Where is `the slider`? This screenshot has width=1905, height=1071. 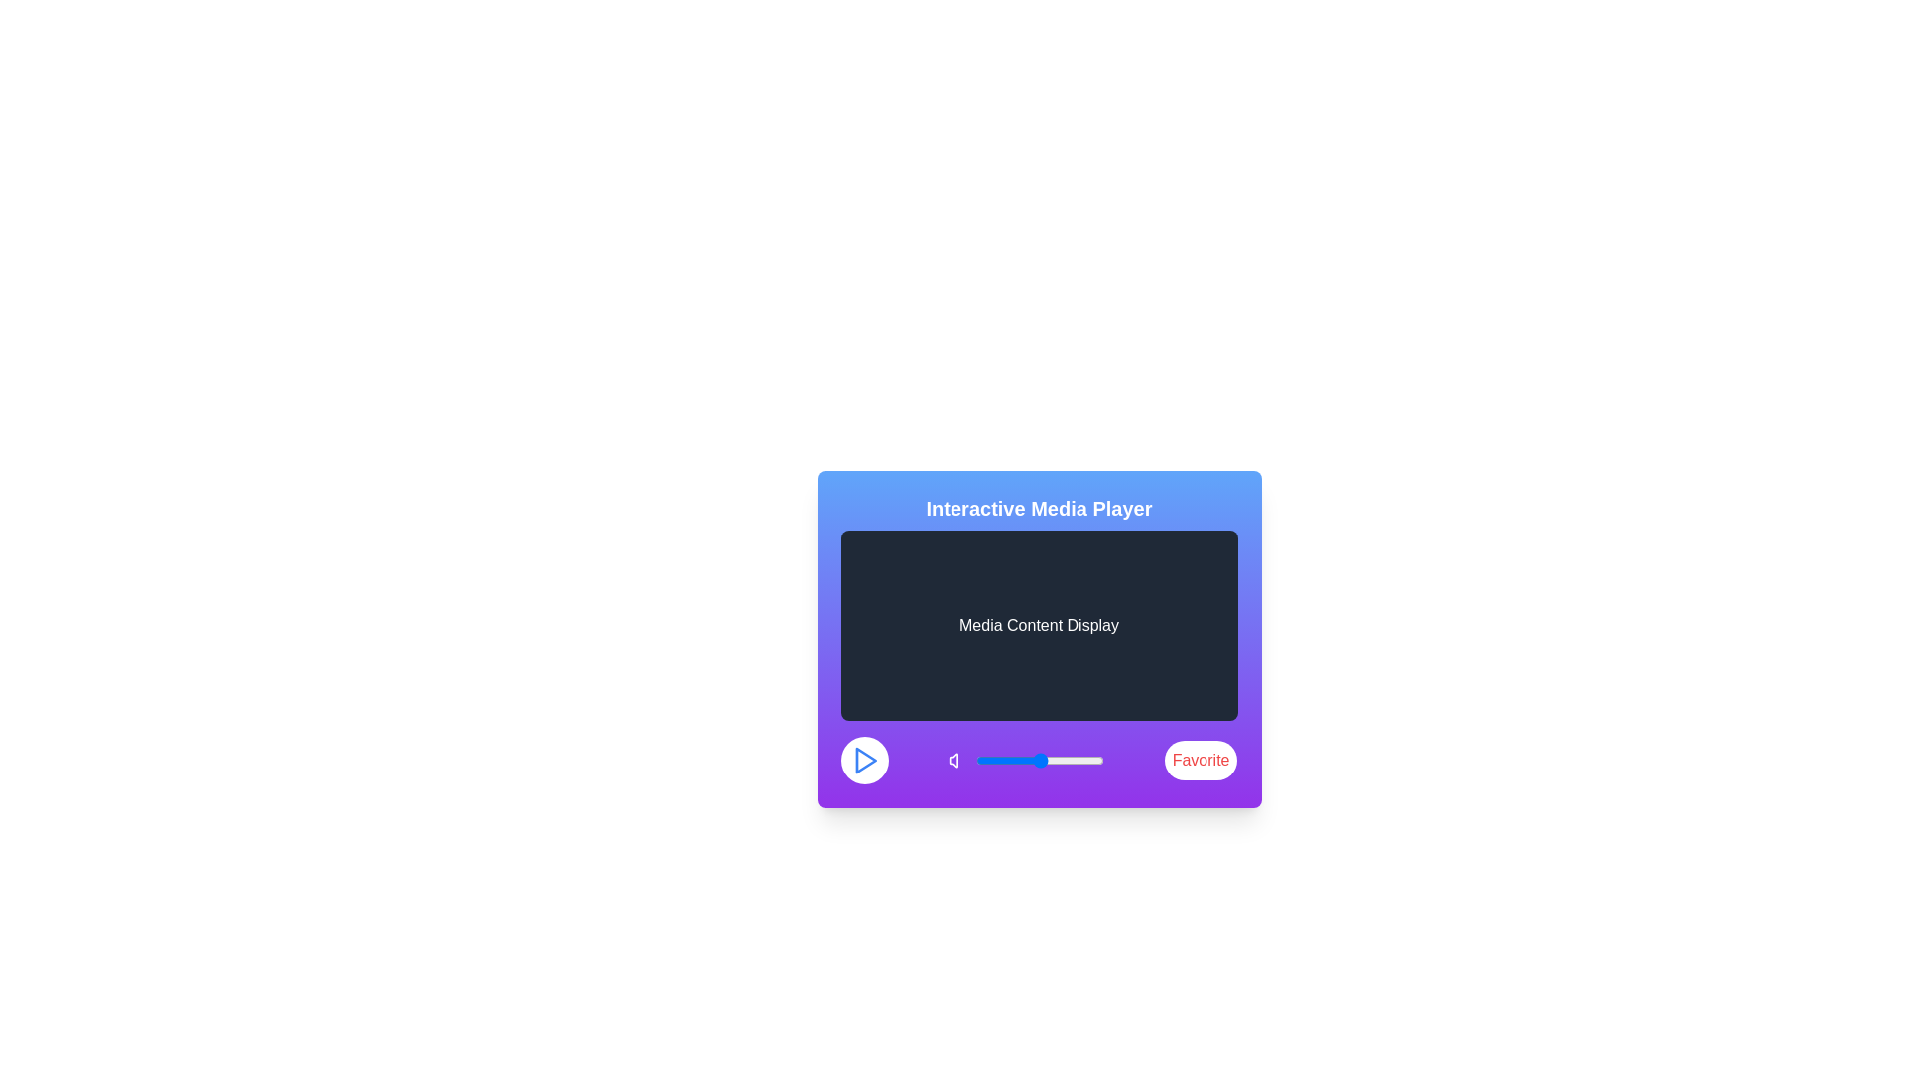
the slider is located at coordinates (1061, 760).